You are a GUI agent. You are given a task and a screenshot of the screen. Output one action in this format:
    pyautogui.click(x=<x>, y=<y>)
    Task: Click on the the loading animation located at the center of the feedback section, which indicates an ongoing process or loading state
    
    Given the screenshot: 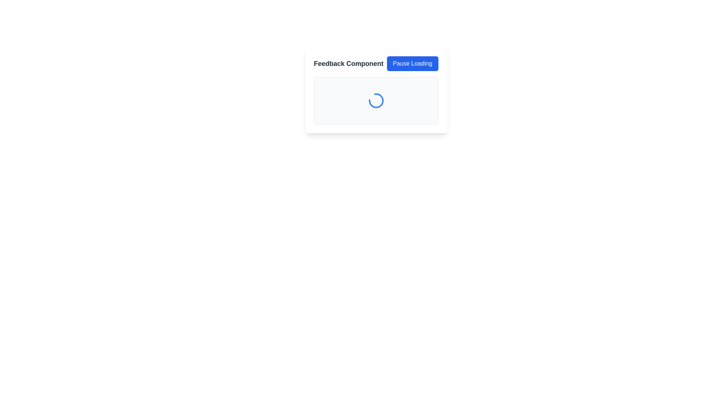 What is the action you would take?
    pyautogui.click(x=376, y=101)
    